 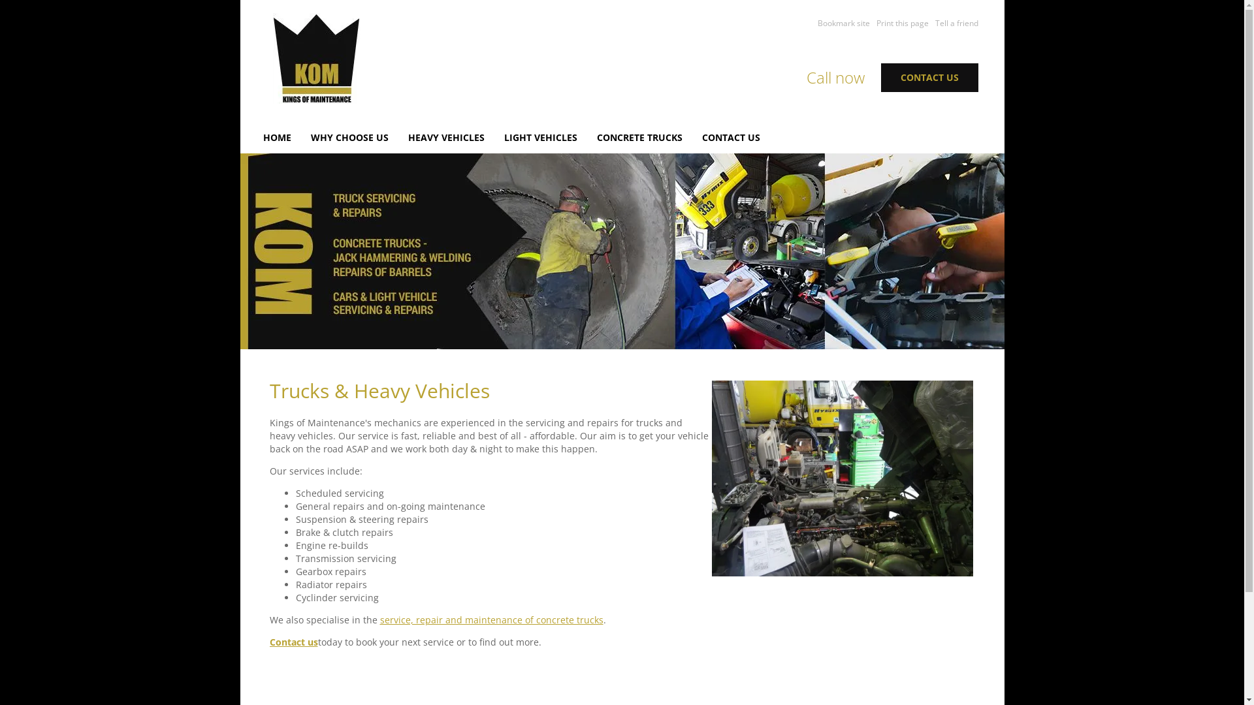 What do you see at coordinates (276, 136) in the screenshot?
I see `'HOME'` at bounding box center [276, 136].